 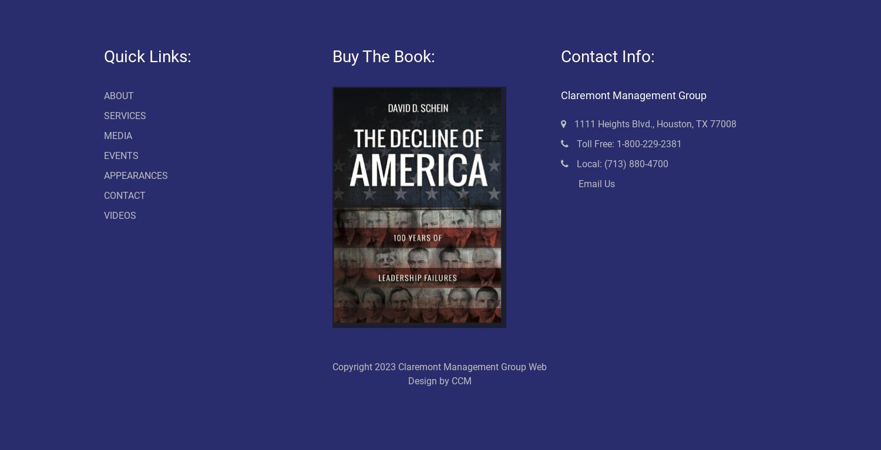 I want to click on 'Local: (713) 880-4700', so click(x=621, y=163).